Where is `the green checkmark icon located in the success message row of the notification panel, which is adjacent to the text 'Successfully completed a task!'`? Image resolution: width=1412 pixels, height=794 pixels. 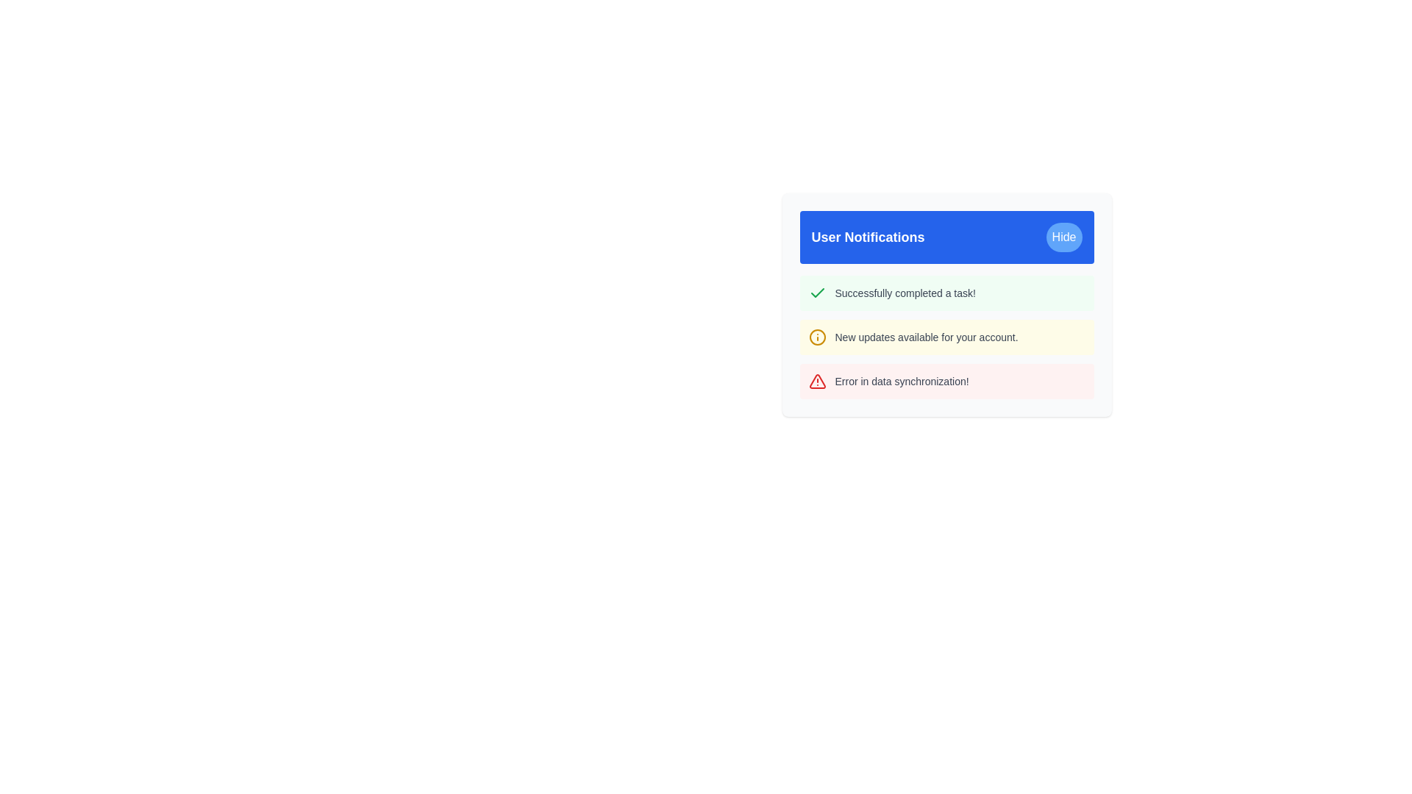
the green checkmark icon located in the success message row of the notification panel, which is adjacent to the text 'Successfully completed a task!' is located at coordinates (816, 293).